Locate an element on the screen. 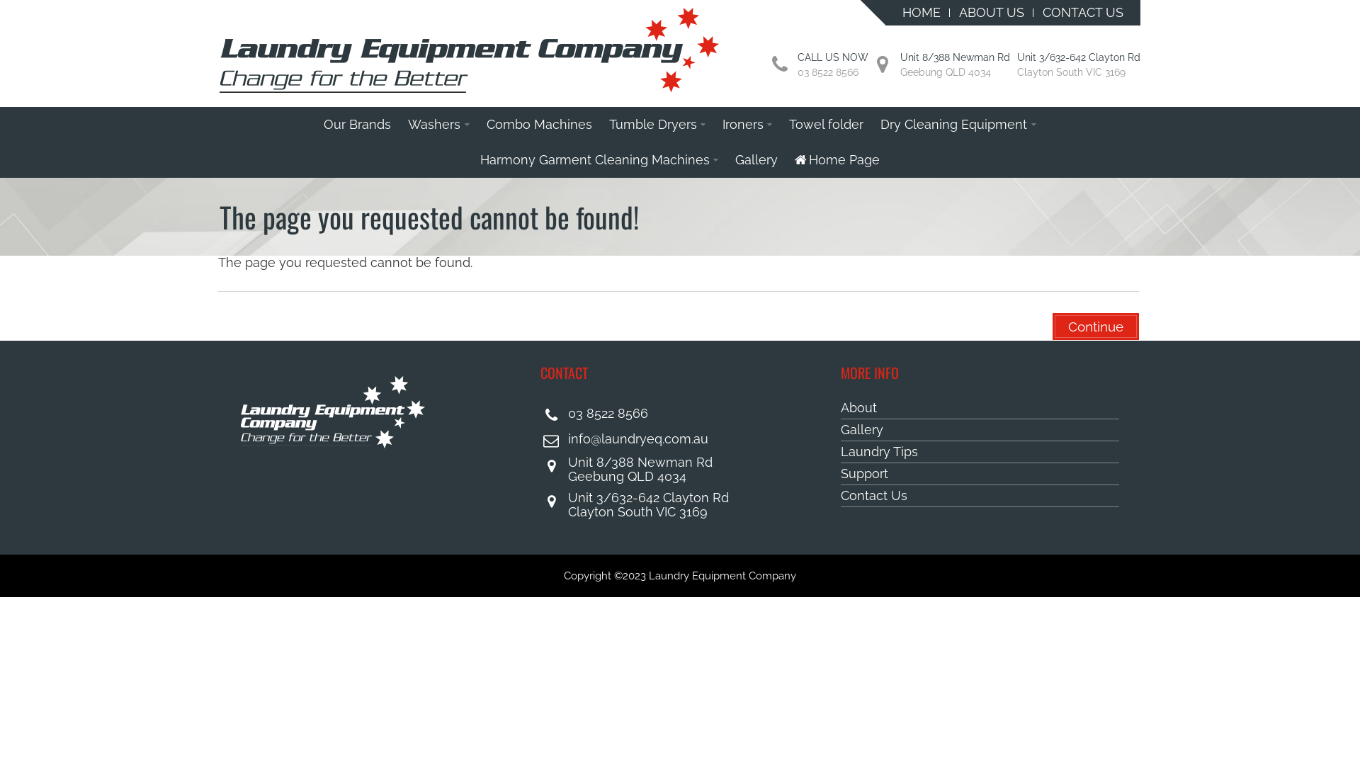  'Washers' is located at coordinates (438, 124).